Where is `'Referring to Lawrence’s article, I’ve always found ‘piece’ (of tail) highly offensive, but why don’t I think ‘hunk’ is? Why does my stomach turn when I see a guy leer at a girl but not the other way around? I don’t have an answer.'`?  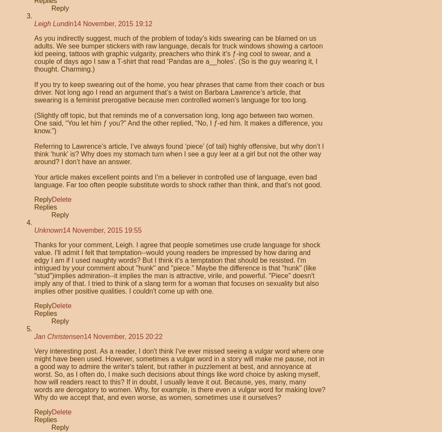 'Referring to Lawrence’s article, I’ve always found ‘piece’ (of tail) highly offensive, but why don’t I think ‘hunk’ is? Why does my stomach turn when I see a guy leer at a girl but not the other way around? I don’t have an answer.' is located at coordinates (178, 154).